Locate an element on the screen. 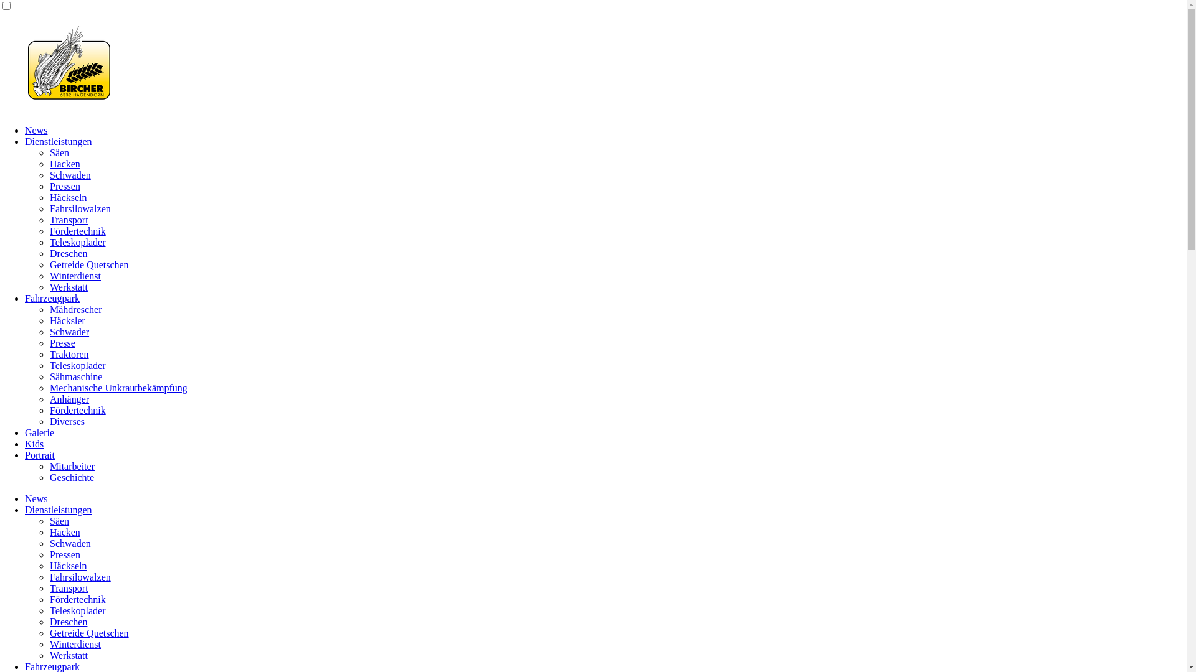 This screenshot has height=672, width=1196. 'News' is located at coordinates (24, 498).